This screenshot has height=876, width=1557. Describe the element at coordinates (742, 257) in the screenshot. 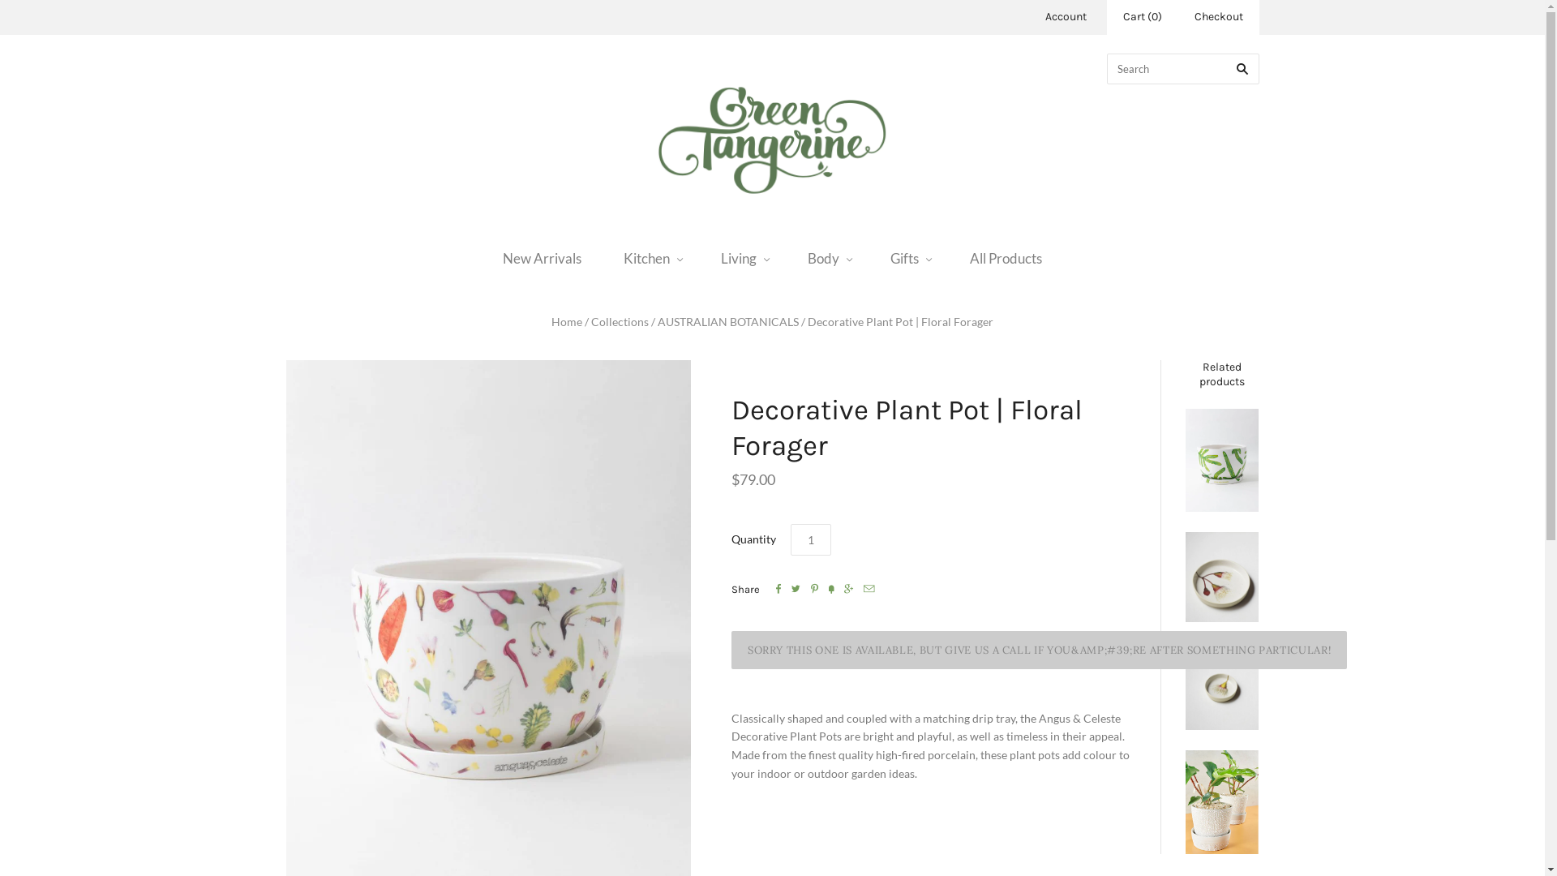

I see `'Living'` at that location.